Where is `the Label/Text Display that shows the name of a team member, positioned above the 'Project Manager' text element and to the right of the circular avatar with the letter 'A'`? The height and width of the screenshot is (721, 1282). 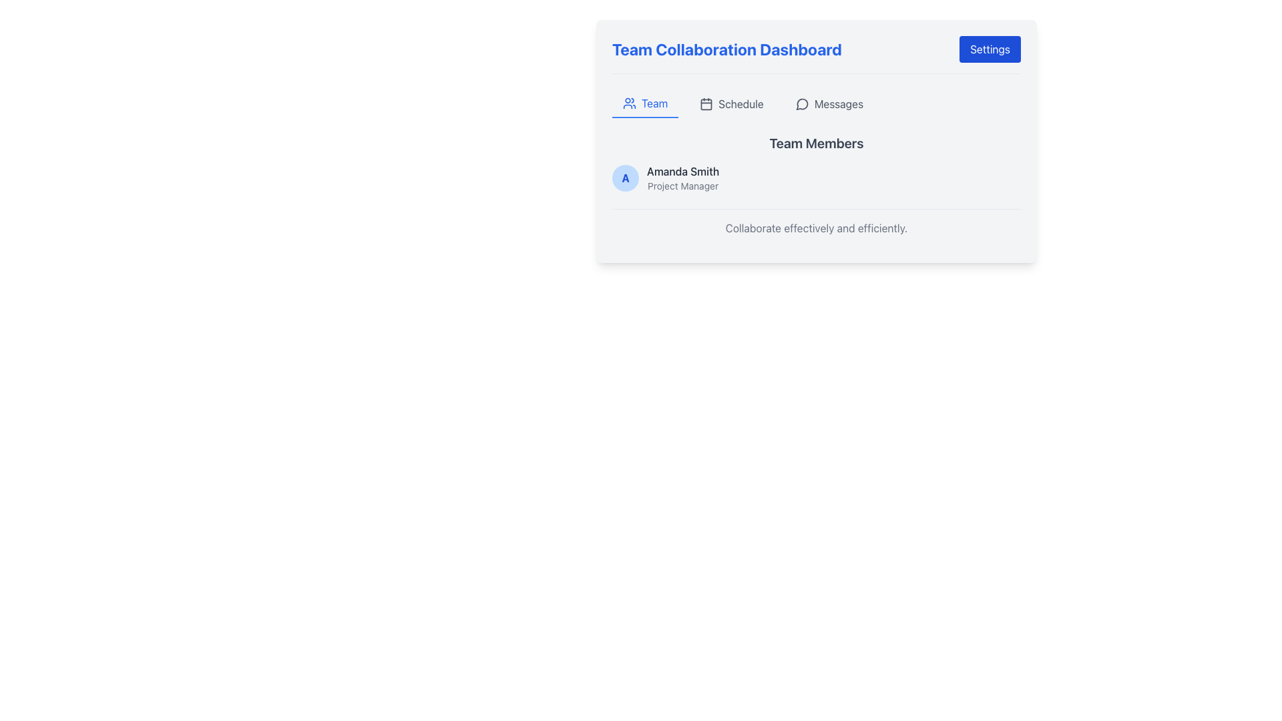
the Label/Text Display that shows the name of a team member, positioned above the 'Project Manager' text element and to the right of the circular avatar with the letter 'A' is located at coordinates (683, 171).